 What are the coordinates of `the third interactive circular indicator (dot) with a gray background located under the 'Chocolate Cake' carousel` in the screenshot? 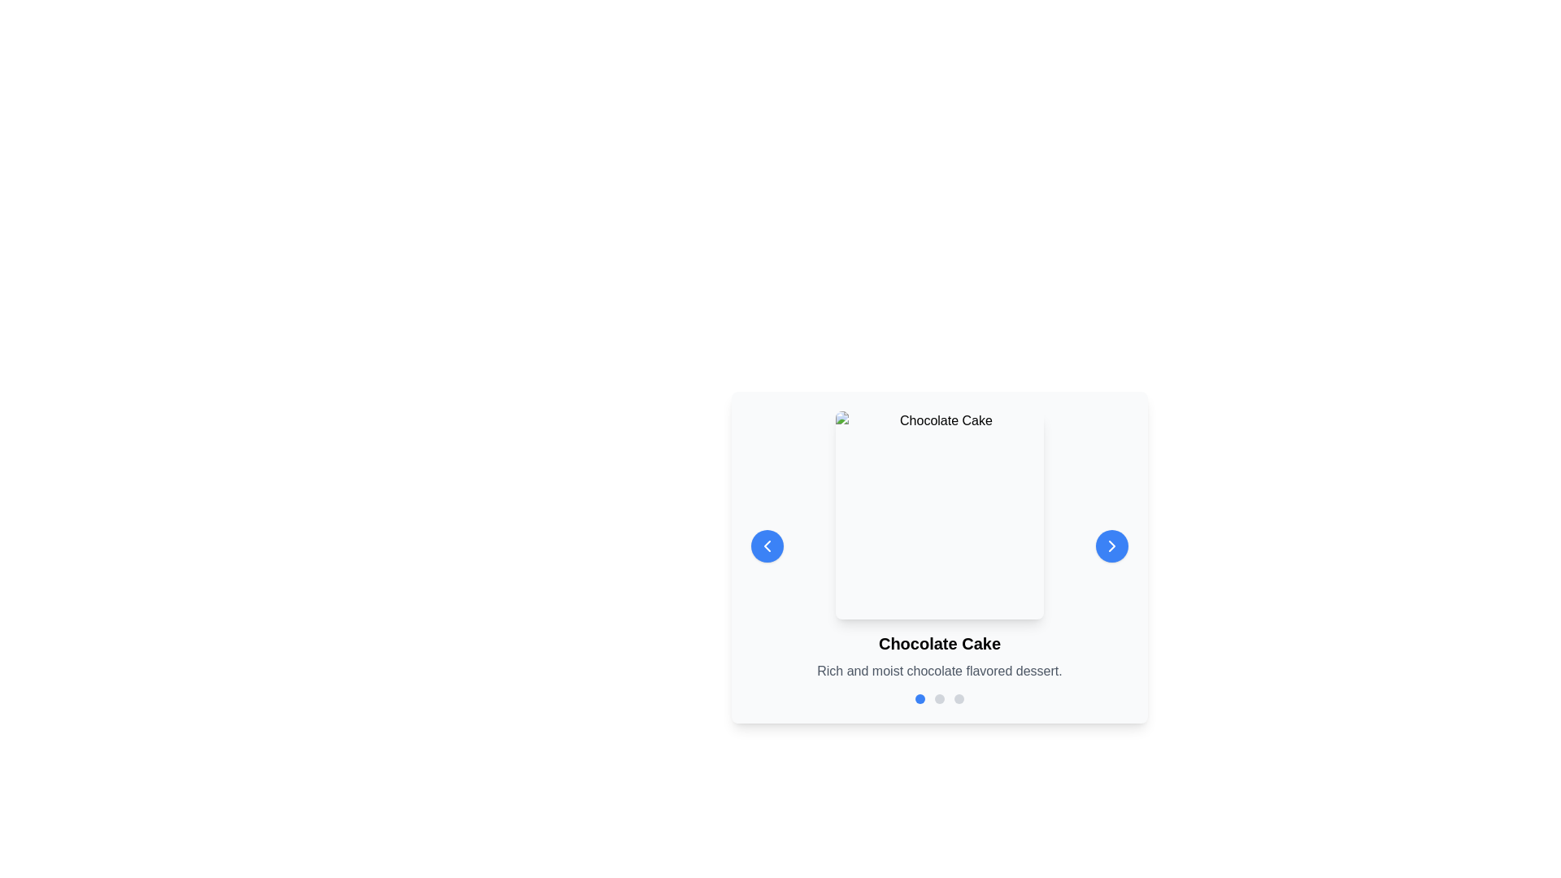 It's located at (959, 698).